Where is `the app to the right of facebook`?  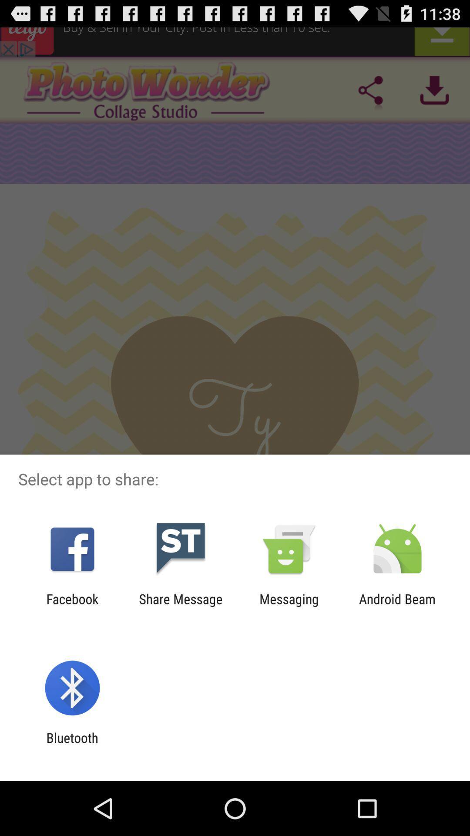 the app to the right of facebook is located at coordinates (180, 606).